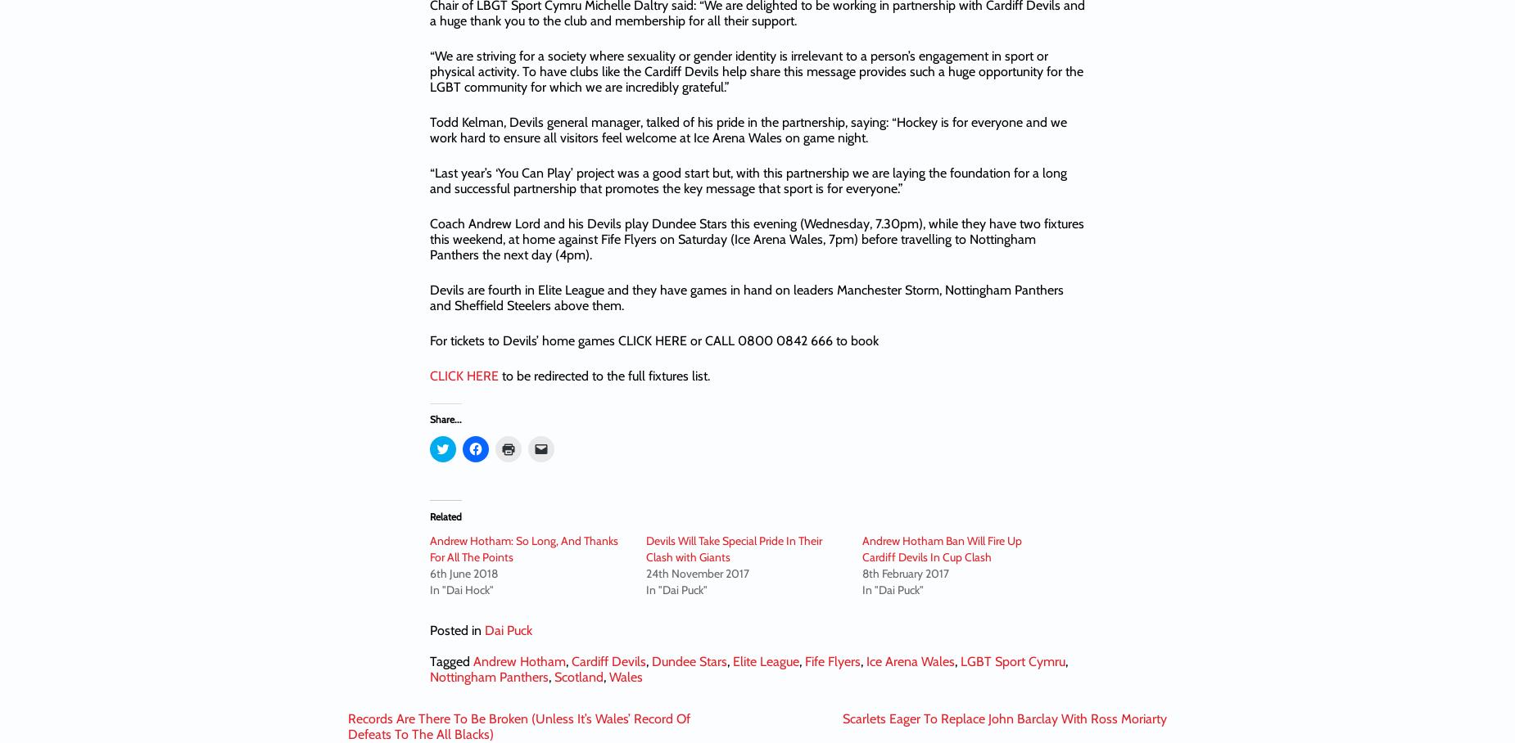 The height and width of the screenshot is (743, 1515). Describe the element at coordinates (464, 375) in the screenshot. I see `'CLICK HERE'` at that location.